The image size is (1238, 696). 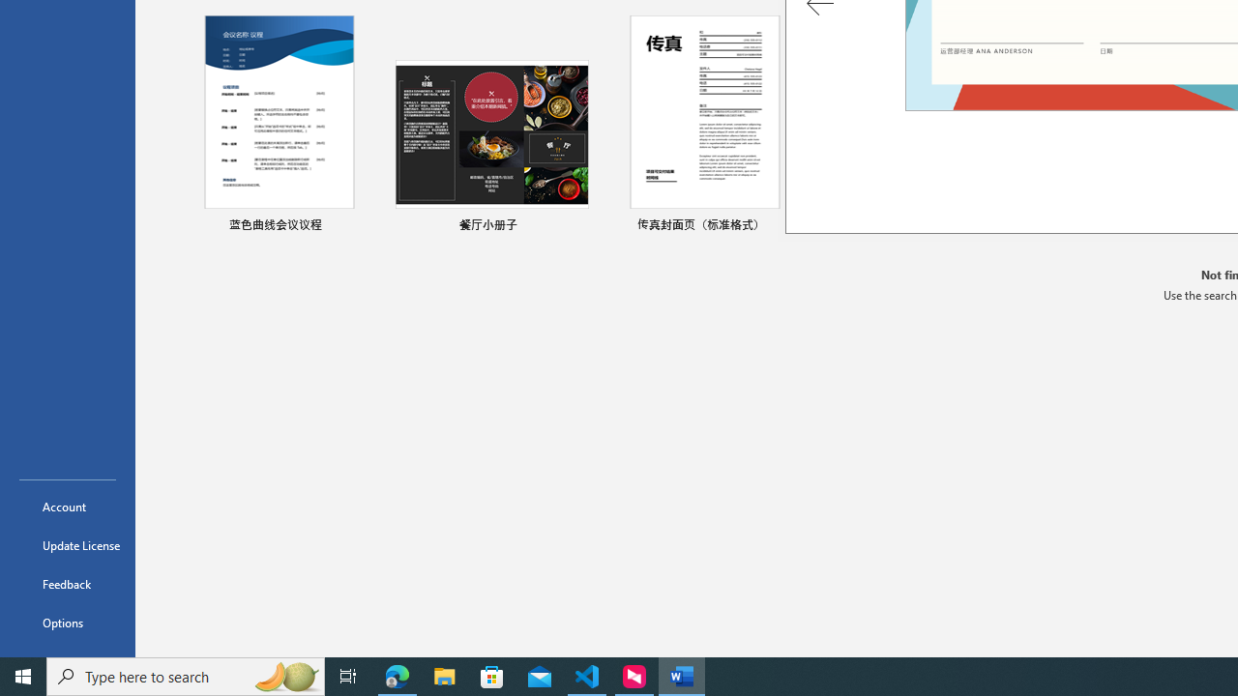 I want to click on 'Account', so click(x=67, y=506).